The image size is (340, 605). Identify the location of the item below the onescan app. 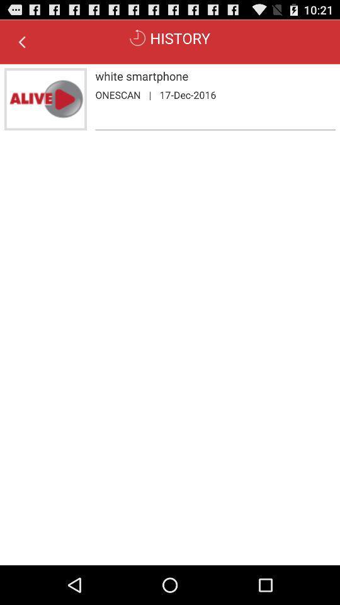
(215, 130).